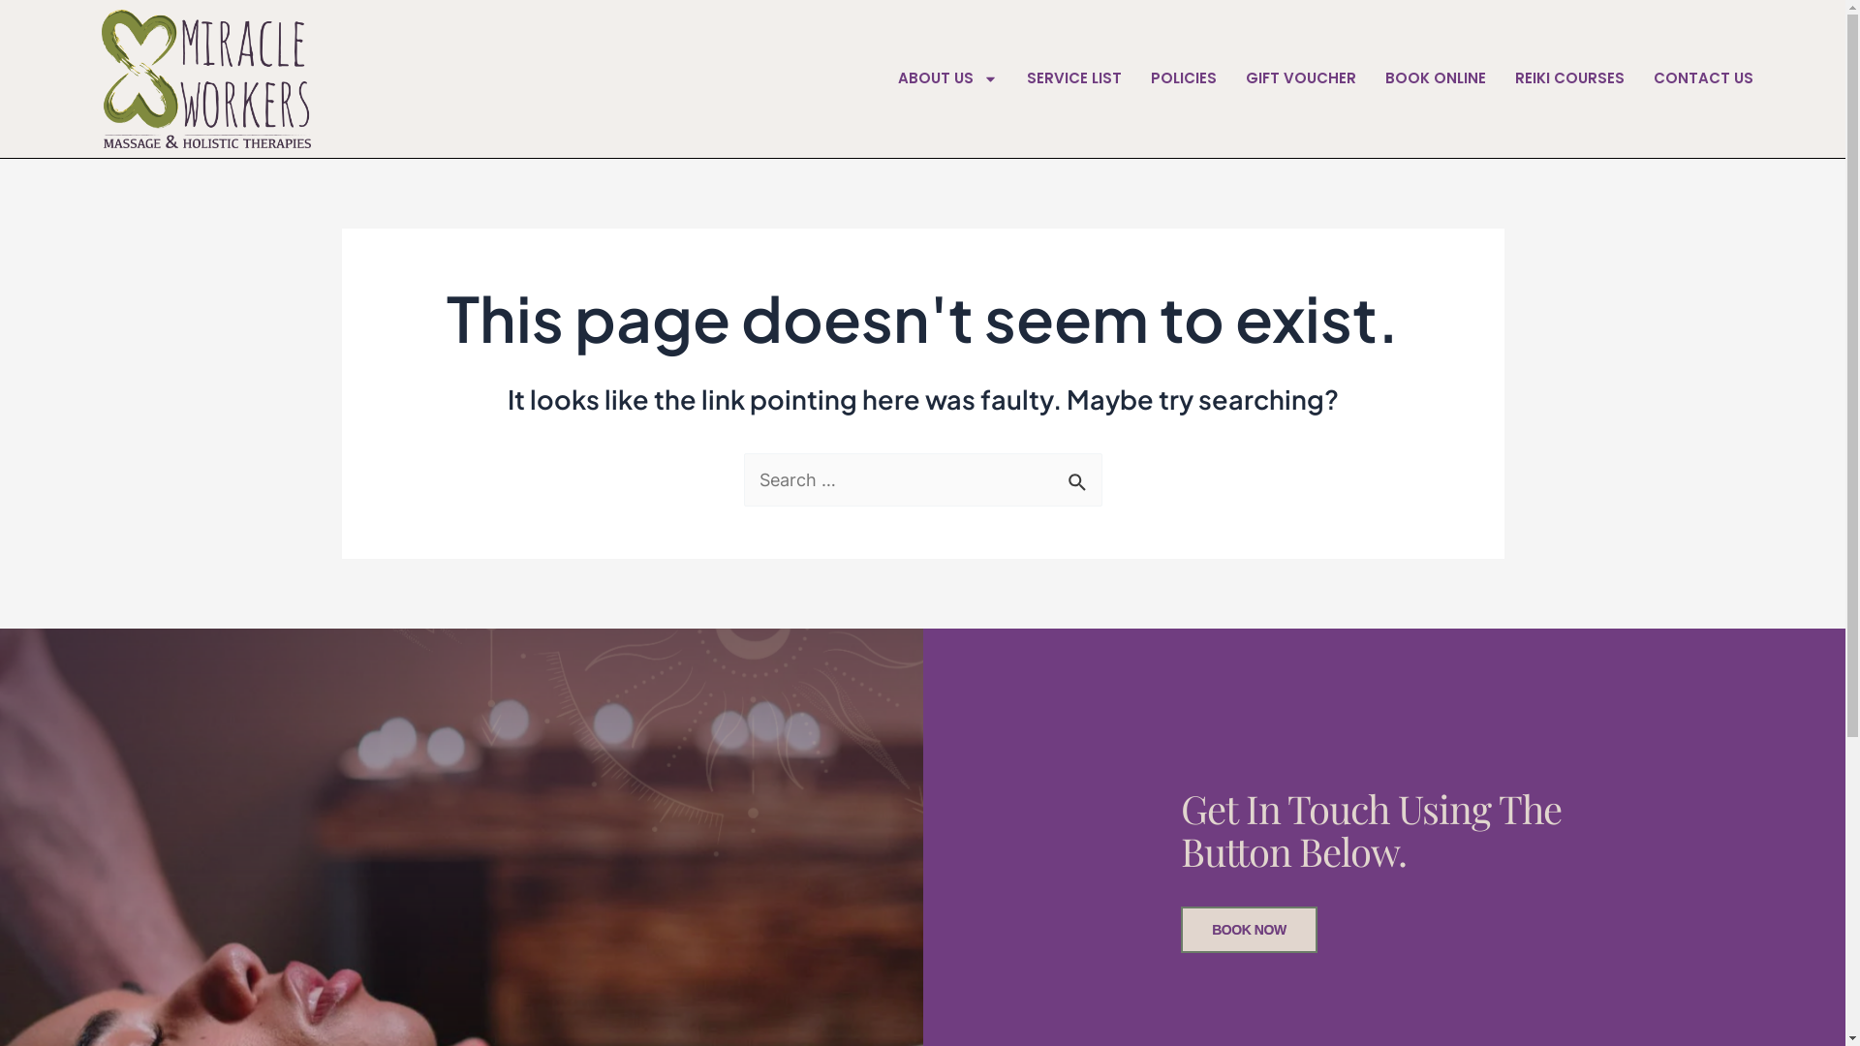  Describe the element at coordinates (1301, 77) in the screenshot. I see `'GIFT VOUCHER'` at that location.